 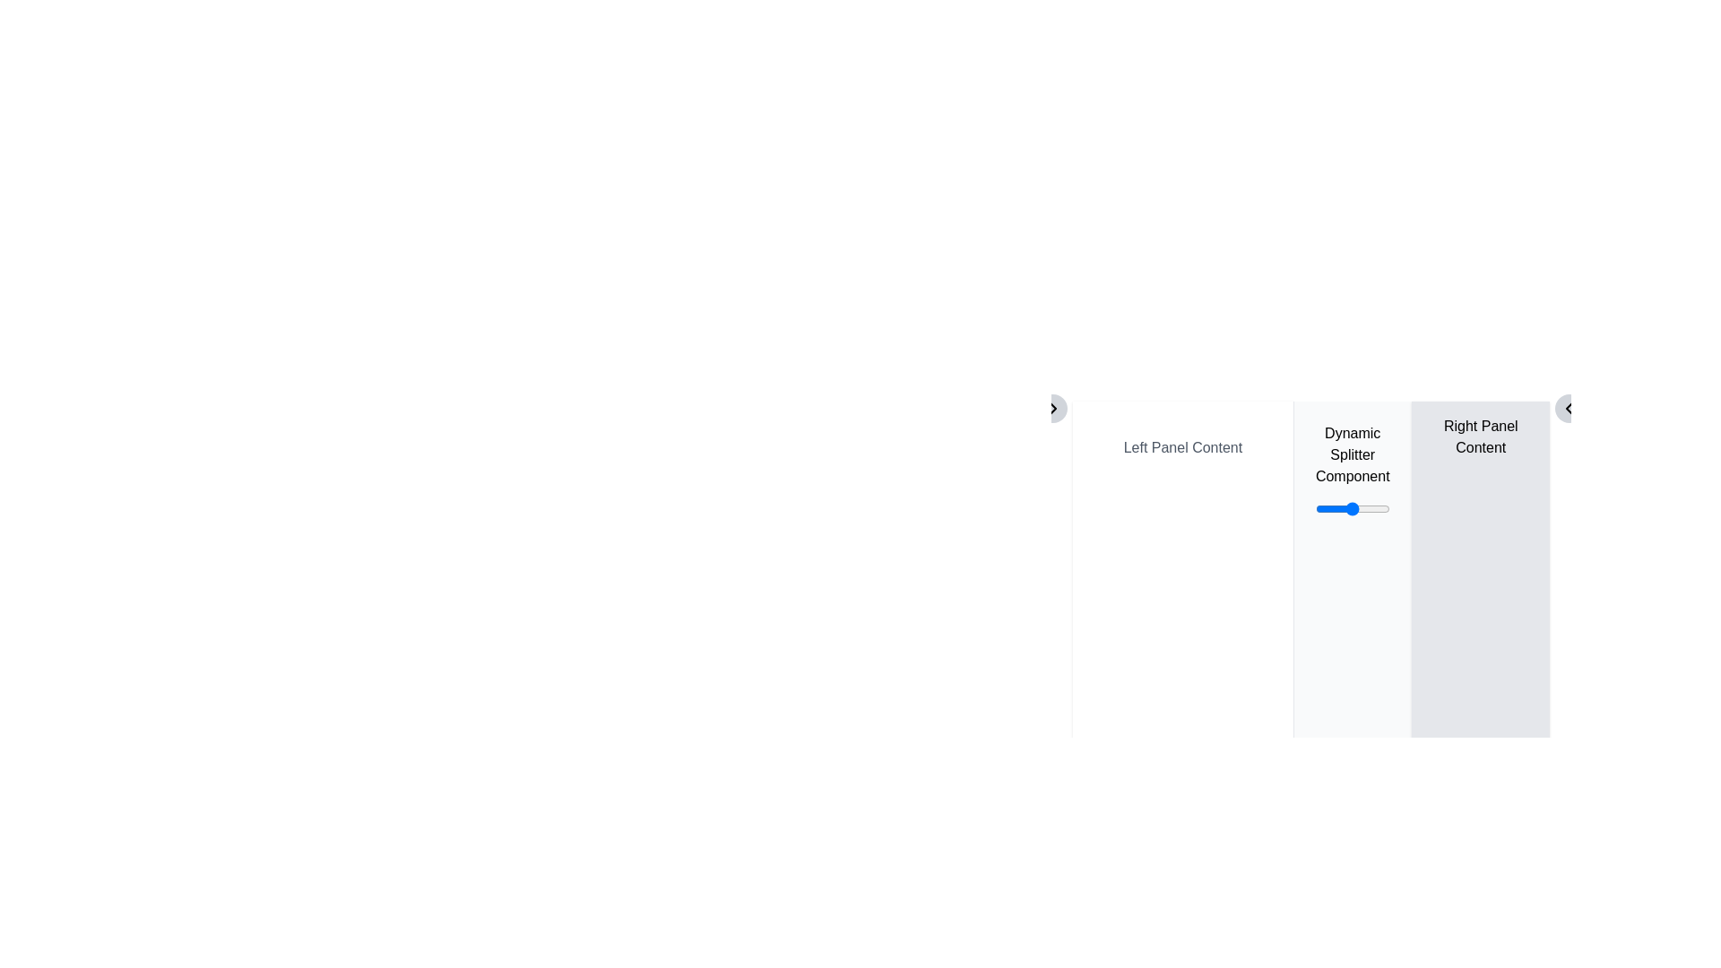 I want to click on the leftward-facing arrow SVG icon, which represents a back navigation action, located at the left edge of the application layout, so click(x=1569, y=408).